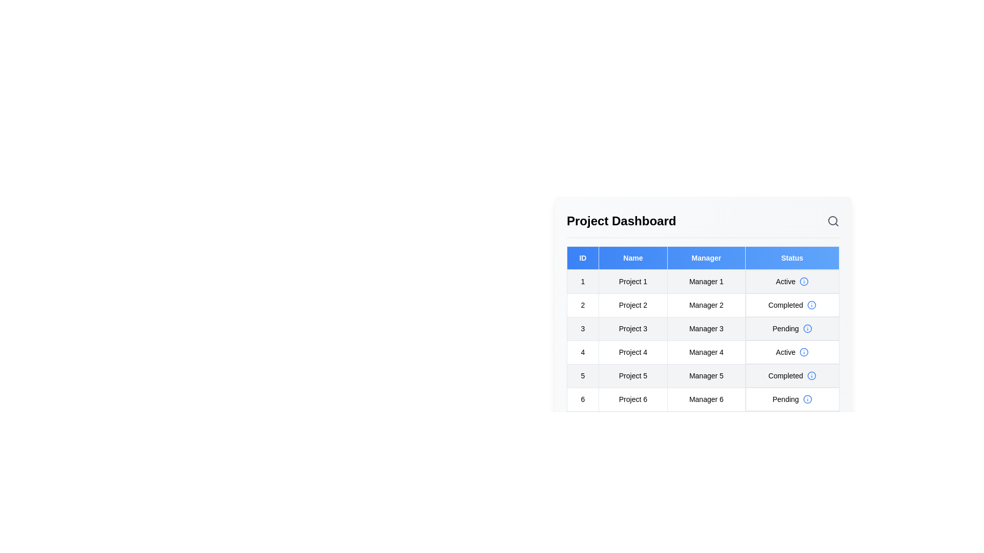  I want to click on the information icon for the status of project 6, so click(806, 398).